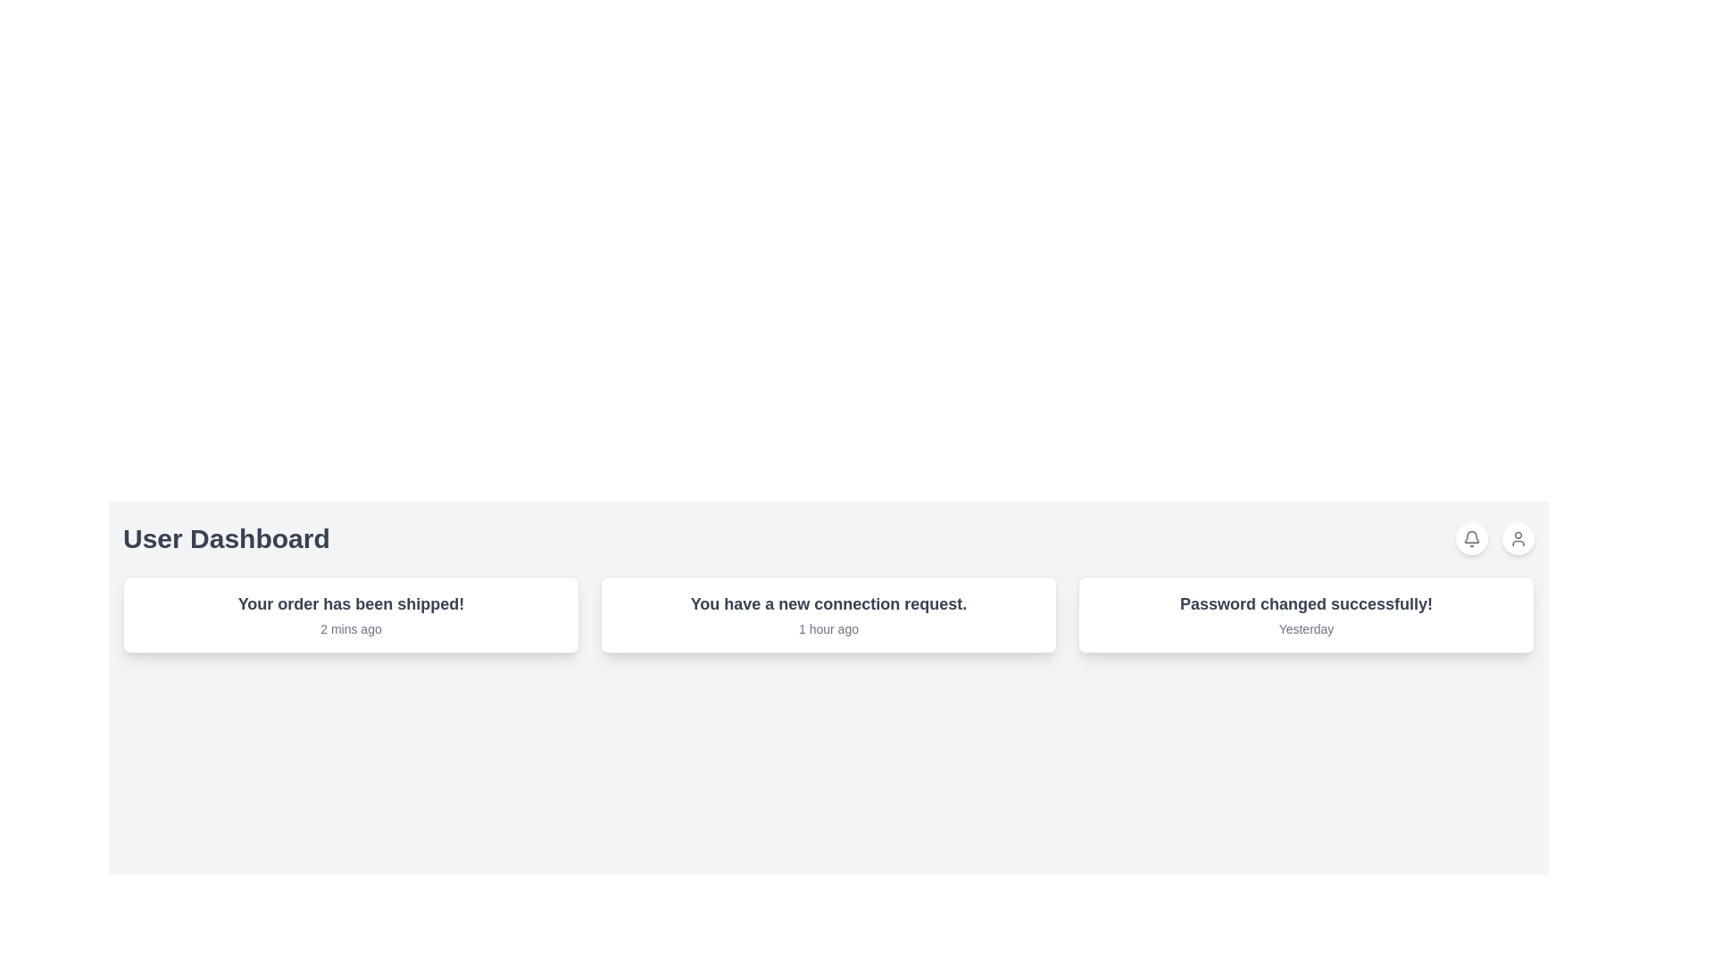 The height and width of the screenshot is (964, 1714). Describe the element at coordinates (1472, 538) in the screenshot. I see `the bell icon in the top-right corner of the user interface` at that location.